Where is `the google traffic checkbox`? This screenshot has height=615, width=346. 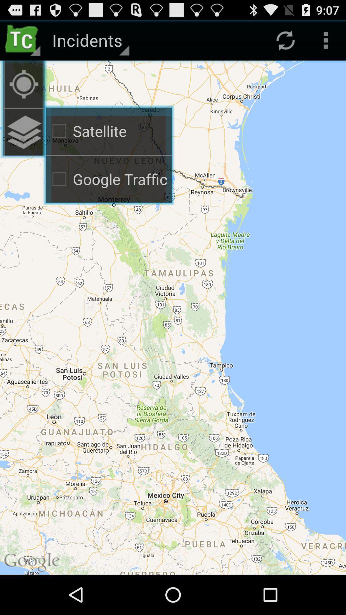
the google traffic checkbox is located at coordinates (108, 179).